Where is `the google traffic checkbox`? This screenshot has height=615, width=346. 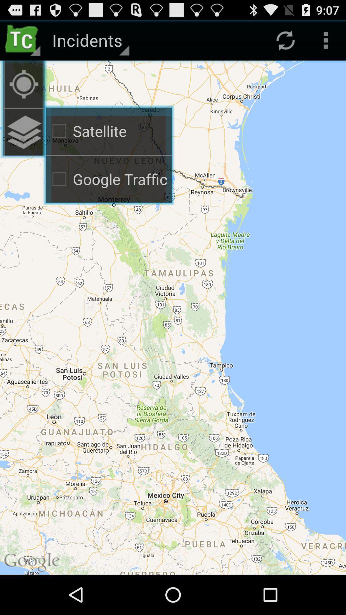
the google traffic checkbox is located at coordinates (108, 179).